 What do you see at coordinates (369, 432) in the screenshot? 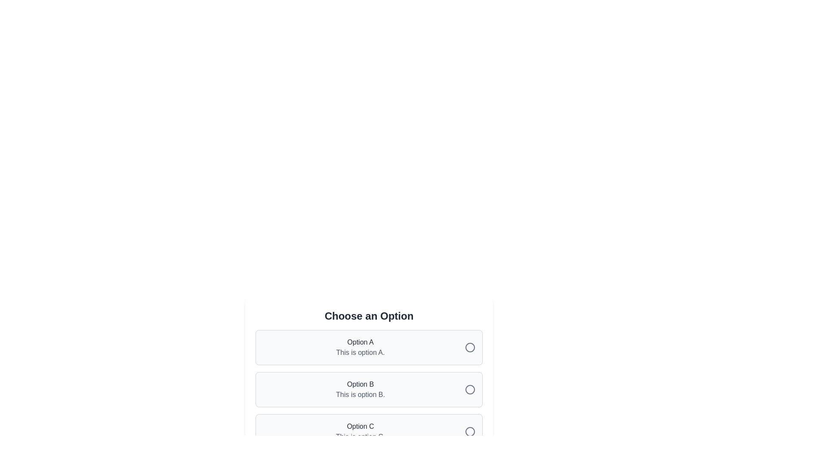
I see `the third radio button option in the 'Choose an Option' group` at bounding box center [369, 432].